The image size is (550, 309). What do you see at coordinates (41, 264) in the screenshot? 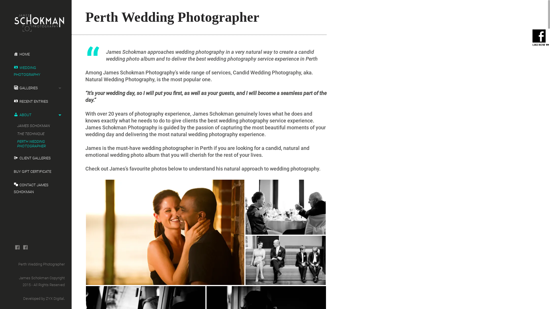
I see `'Perth Wedding Photographer'` at bounding box center [41, 264].